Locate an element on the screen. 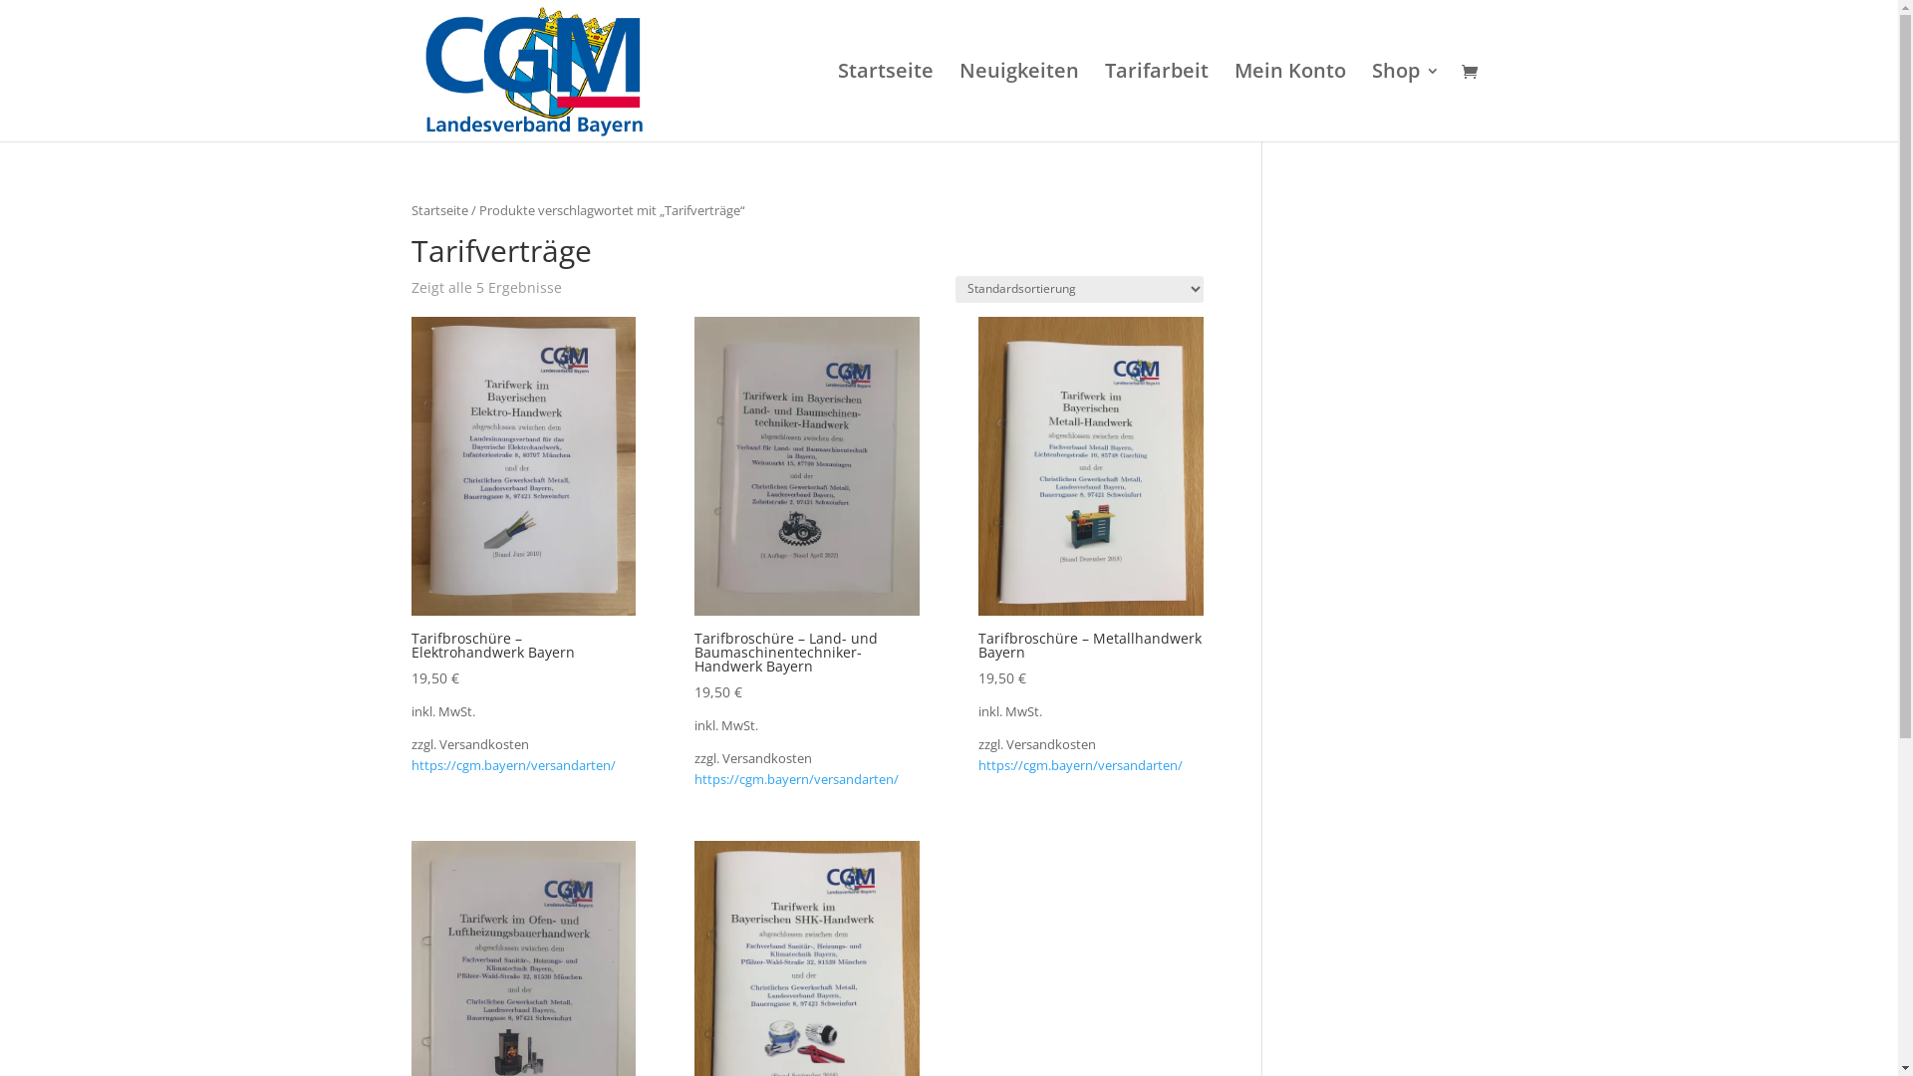 This screenshot has height=1076, width=1913. 'https://cgm.bayern/versandarten/' is located at coordinates (1079, 764).